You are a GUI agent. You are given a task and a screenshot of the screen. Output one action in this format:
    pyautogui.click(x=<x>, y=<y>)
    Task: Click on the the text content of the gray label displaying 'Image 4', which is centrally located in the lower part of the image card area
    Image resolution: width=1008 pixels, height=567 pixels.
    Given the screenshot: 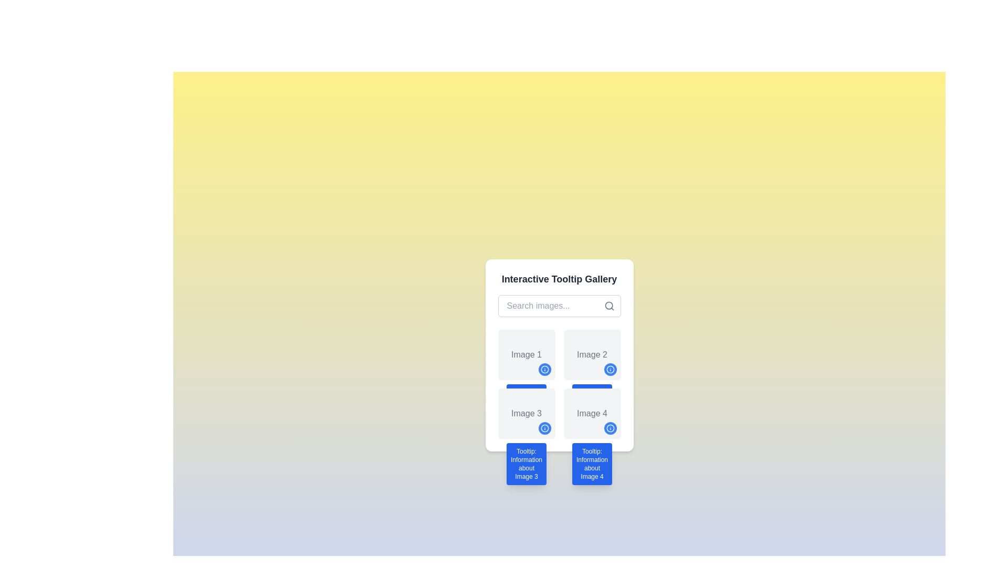 What is the action you would take?
    pyautogui.click(x=592, y=413)
    